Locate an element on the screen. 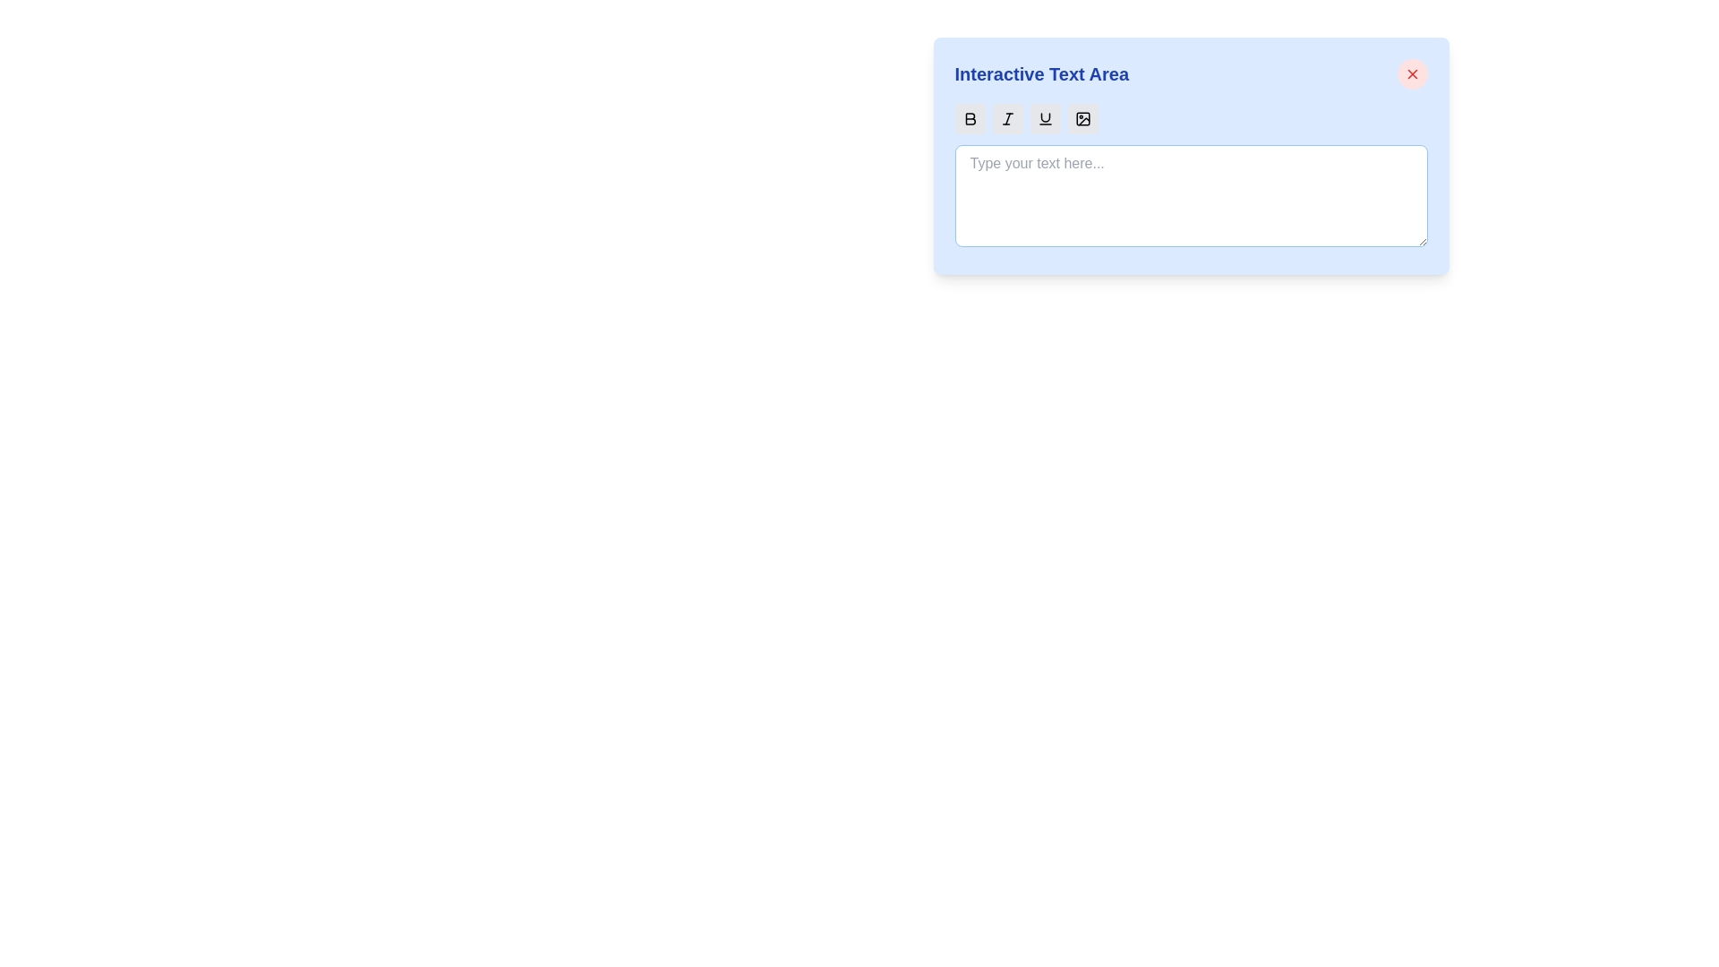 Image resolution: width=1719 pixels, height=967 pixels. the italic style icon represented as a slanted 'I' in the toolbar below the 'Interactive Text Area' title is located at coordinates (1007, 118).